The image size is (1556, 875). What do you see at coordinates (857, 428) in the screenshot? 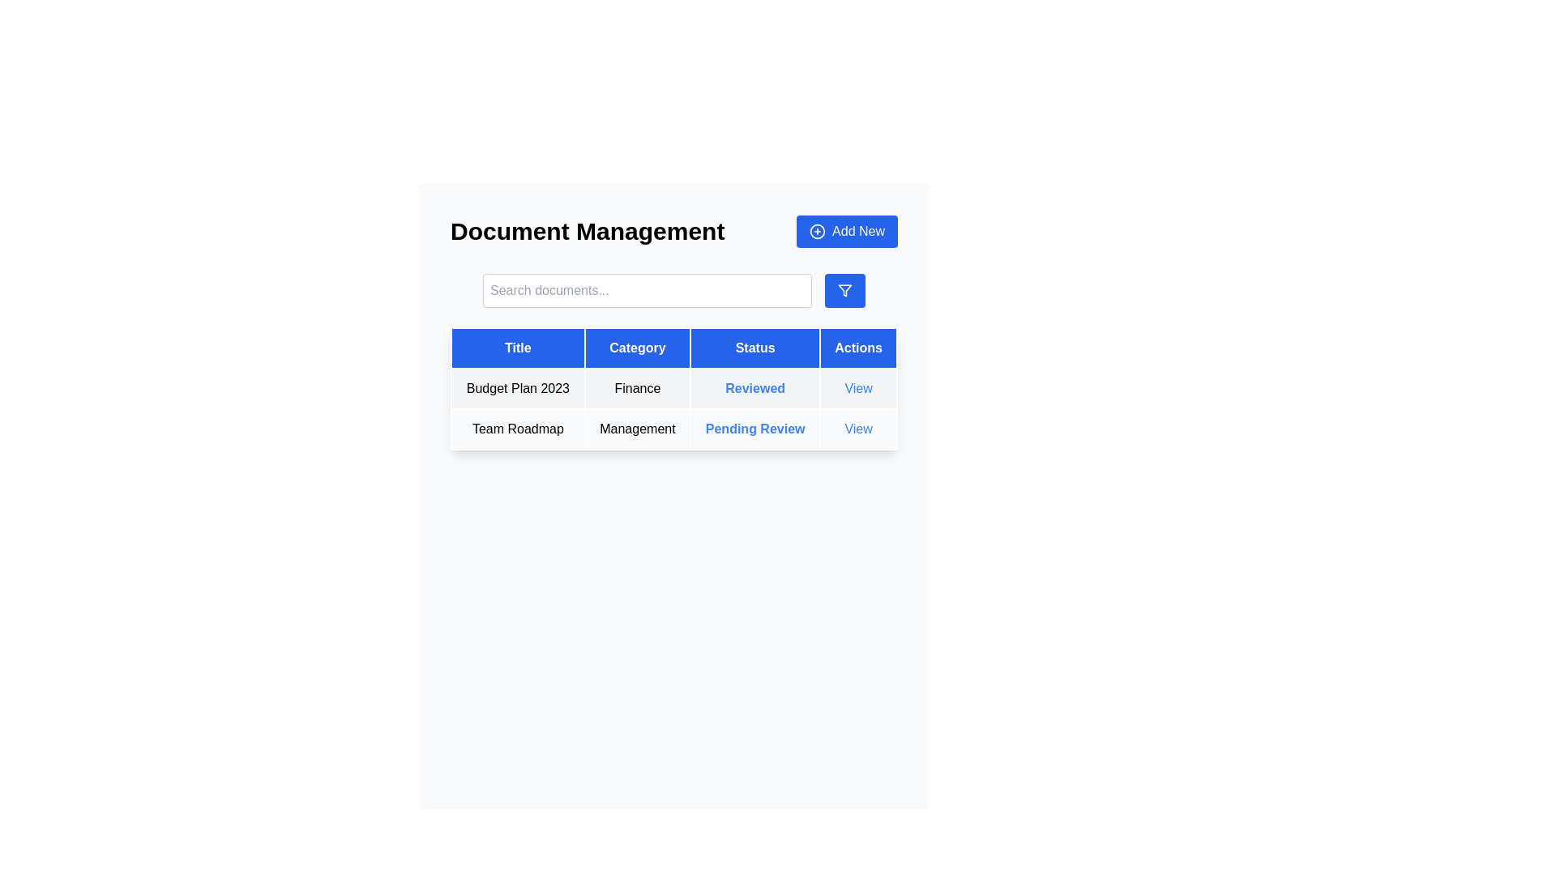
I see `the second 'View' link in the 'Actions' column of the table` at bounding box center [857, 428].